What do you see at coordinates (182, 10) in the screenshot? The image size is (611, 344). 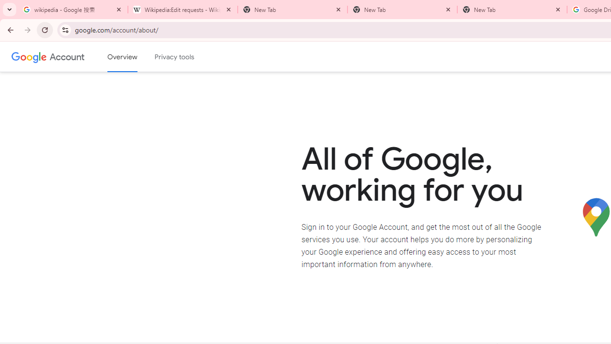 I see `'Wikipedia:Edit requests - Wikipedia'` at bounding box center [182, 10].